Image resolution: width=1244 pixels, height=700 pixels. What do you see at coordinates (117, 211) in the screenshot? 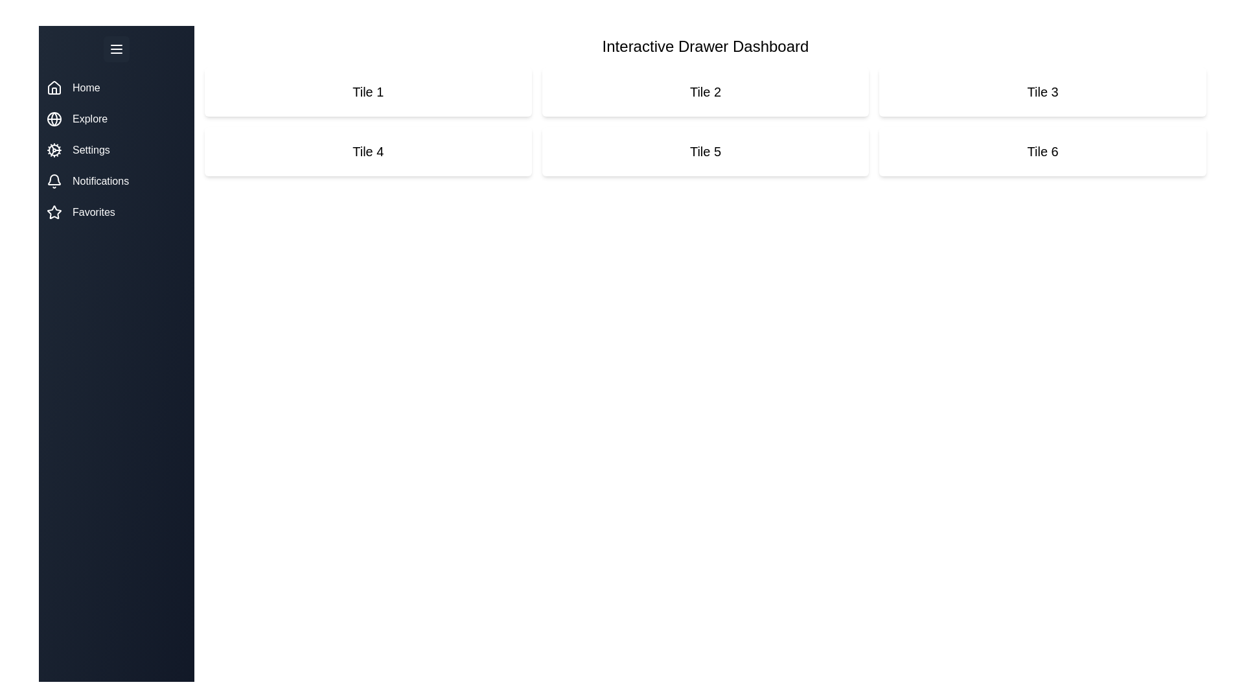
I see `the navigation item Favorites to see its hover effect` at bounding box center [117, 211].